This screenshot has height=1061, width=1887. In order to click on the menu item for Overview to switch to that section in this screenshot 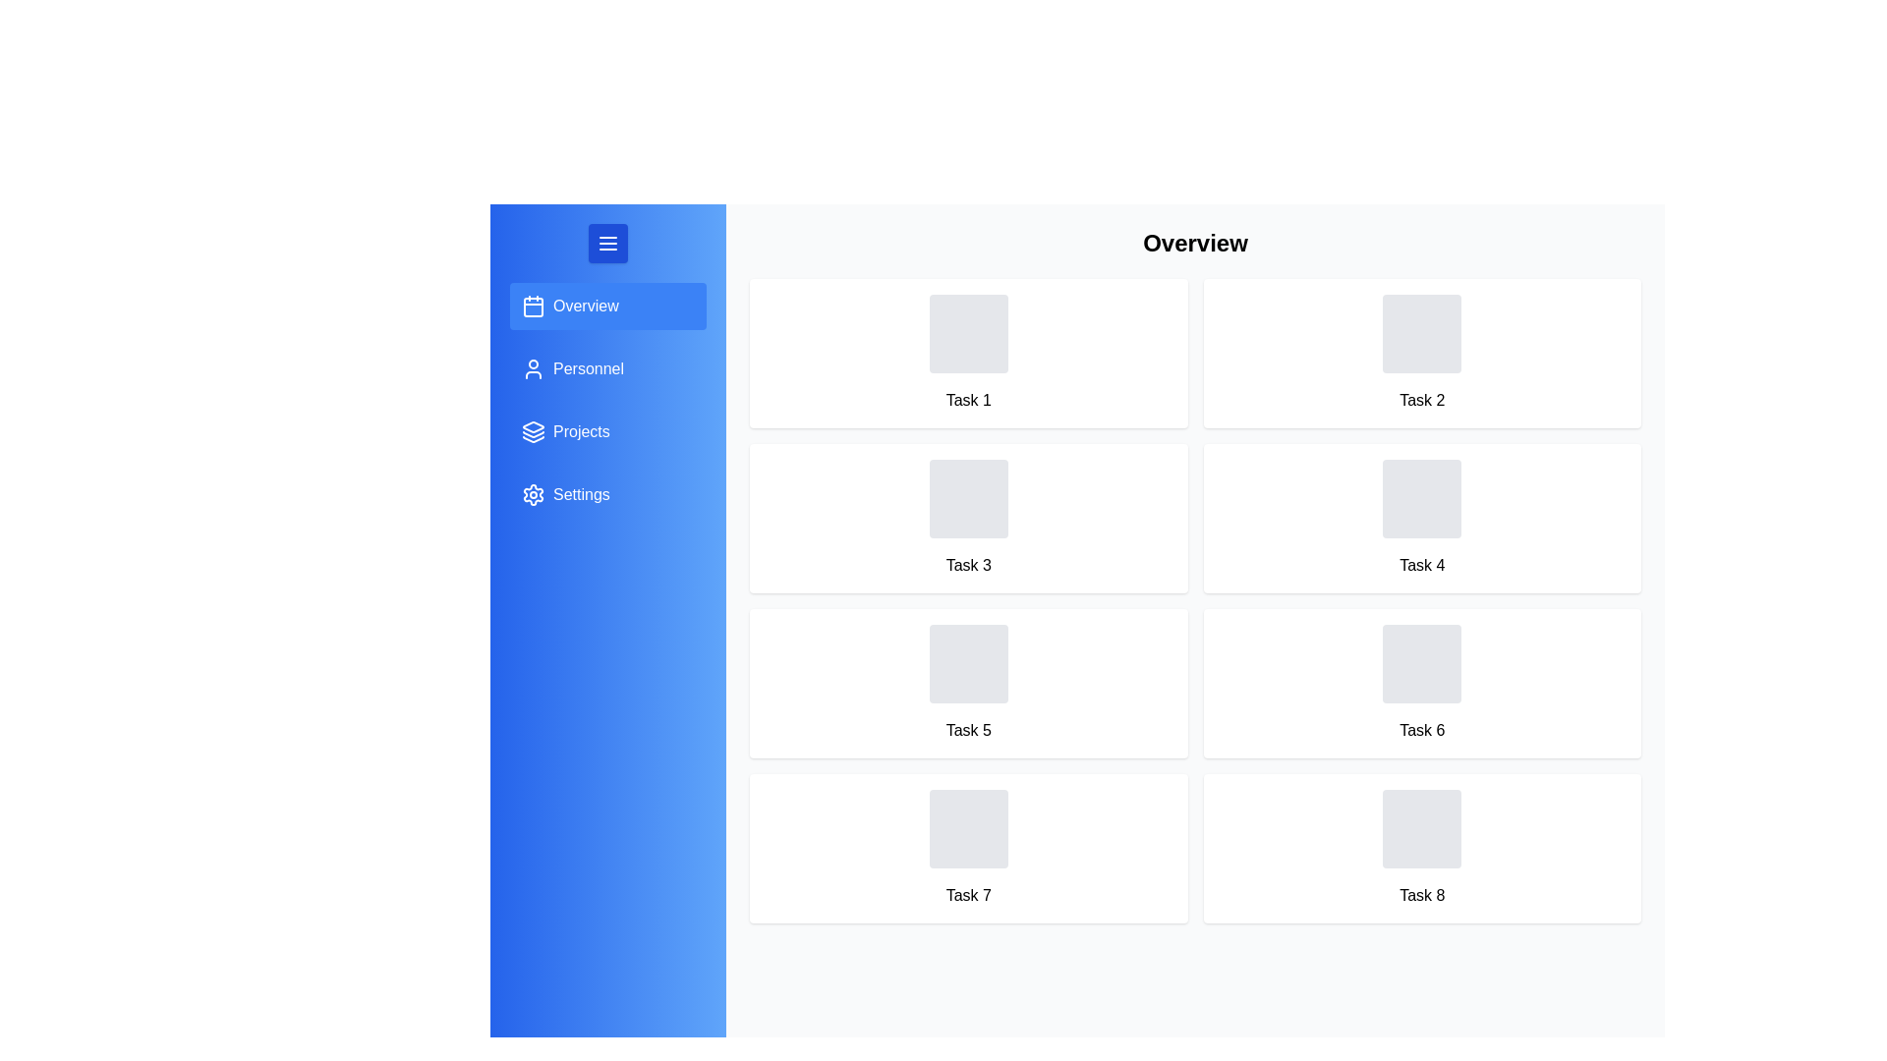, I will do `click(607, 307)`.